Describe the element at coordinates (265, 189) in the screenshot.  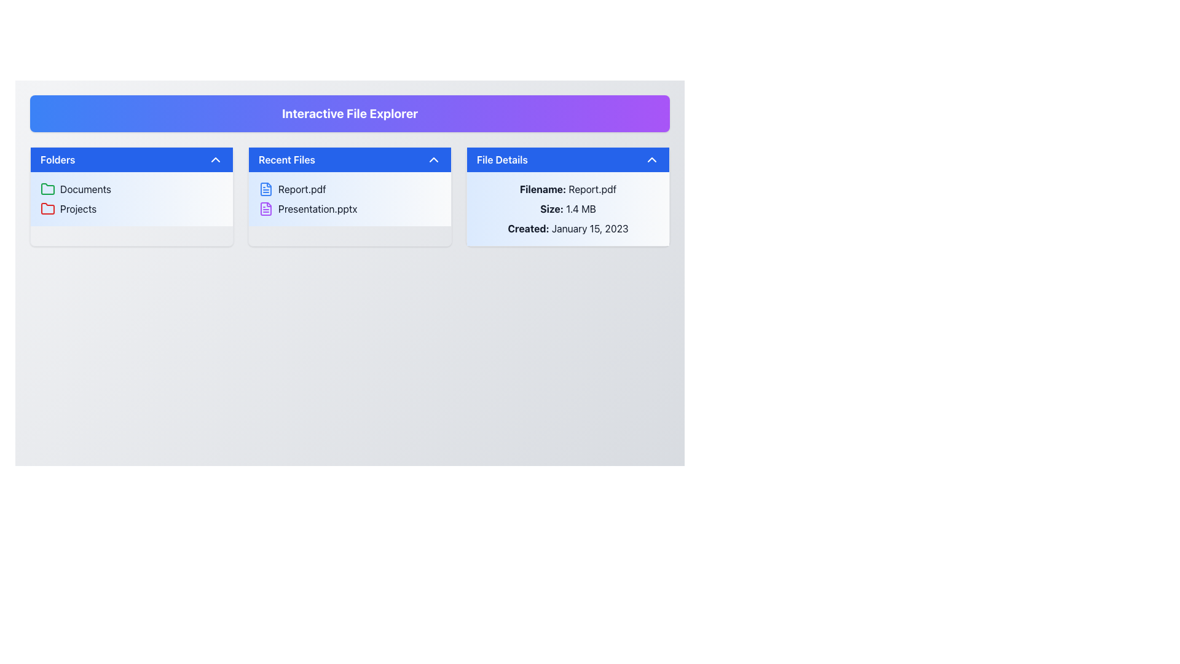
I see `the PDF file icon located in the 'Recent Files' section to the left of the 'Presentation.pptx' icon` at that location.